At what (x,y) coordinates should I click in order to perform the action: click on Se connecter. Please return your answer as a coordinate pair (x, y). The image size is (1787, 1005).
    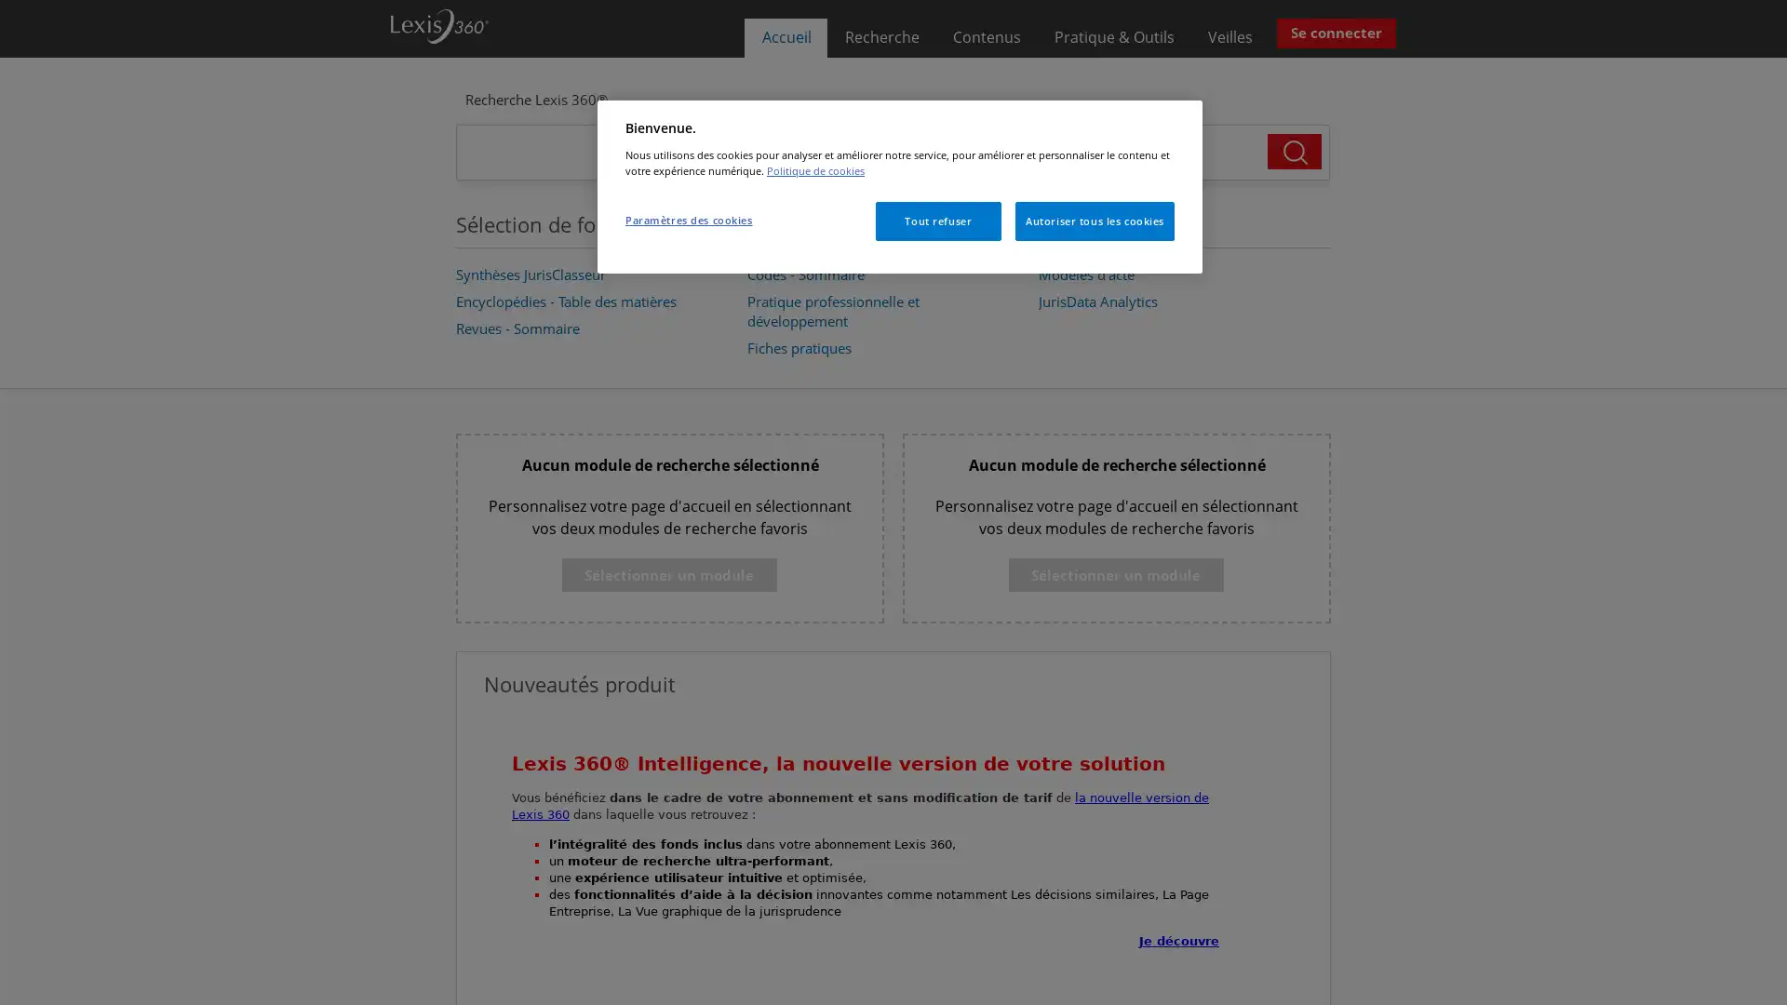
    Looking at the image, I should click on (1335, 33).